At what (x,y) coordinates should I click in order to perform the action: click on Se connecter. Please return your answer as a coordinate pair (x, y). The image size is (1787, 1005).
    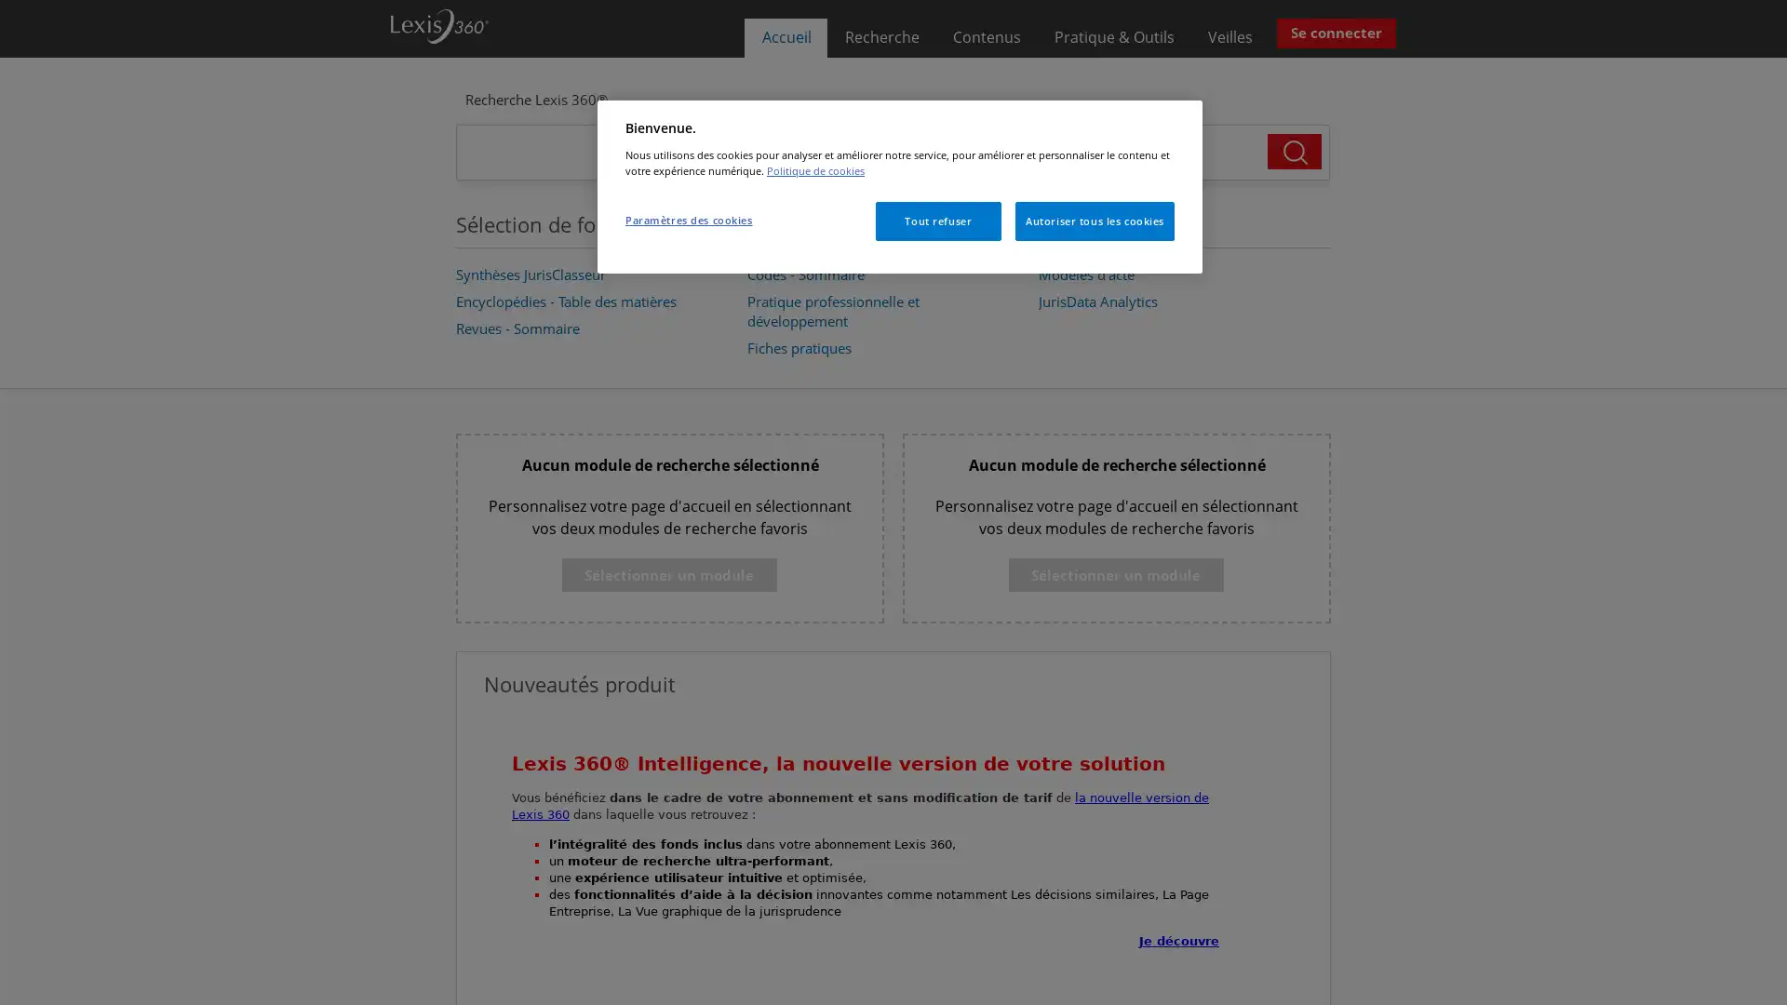
    Looking at the image, I should click on (1335, 33).